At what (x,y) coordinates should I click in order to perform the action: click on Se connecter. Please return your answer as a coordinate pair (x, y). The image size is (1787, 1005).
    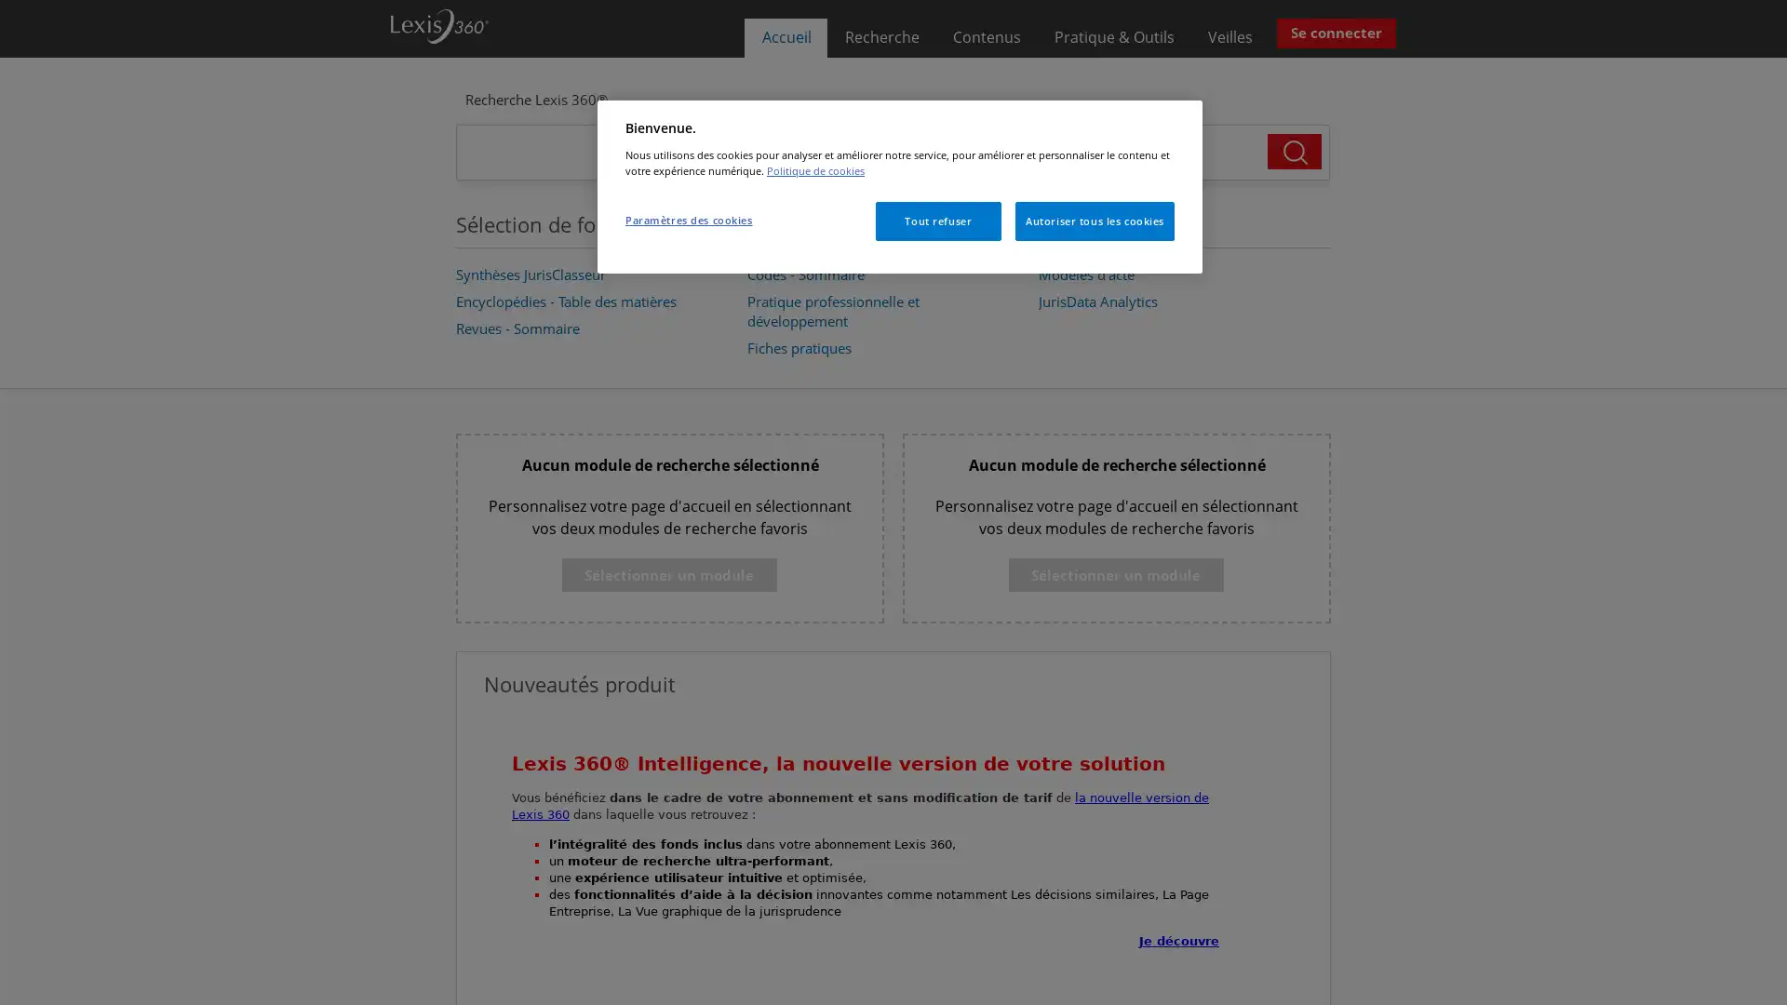
    Looking at the image, I should click on (1335, 33).